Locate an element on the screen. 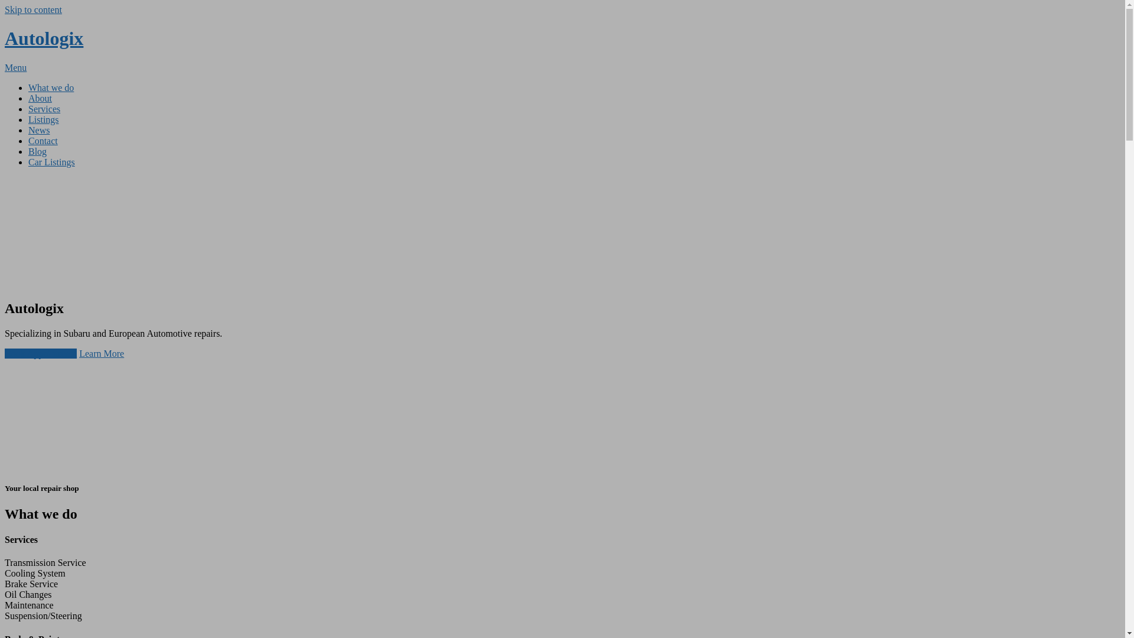 This screenshot has width=1134, height=638. 'Skip to content' is located at coordinates (33, 9).